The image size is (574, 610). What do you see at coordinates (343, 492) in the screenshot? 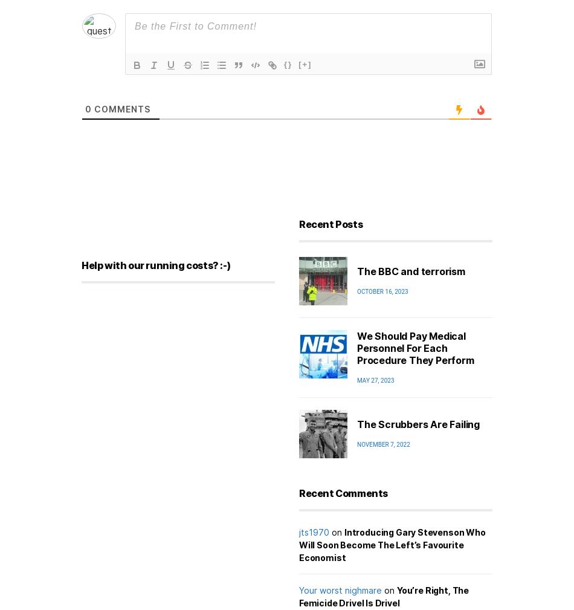
I see `'Recent Comments'` at bounding box center [343, 492].